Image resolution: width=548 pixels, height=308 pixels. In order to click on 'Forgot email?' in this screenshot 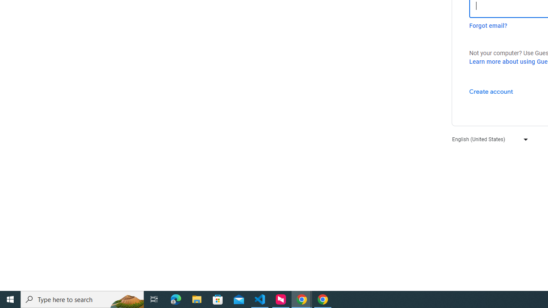, I will do `click(488, 25)`.